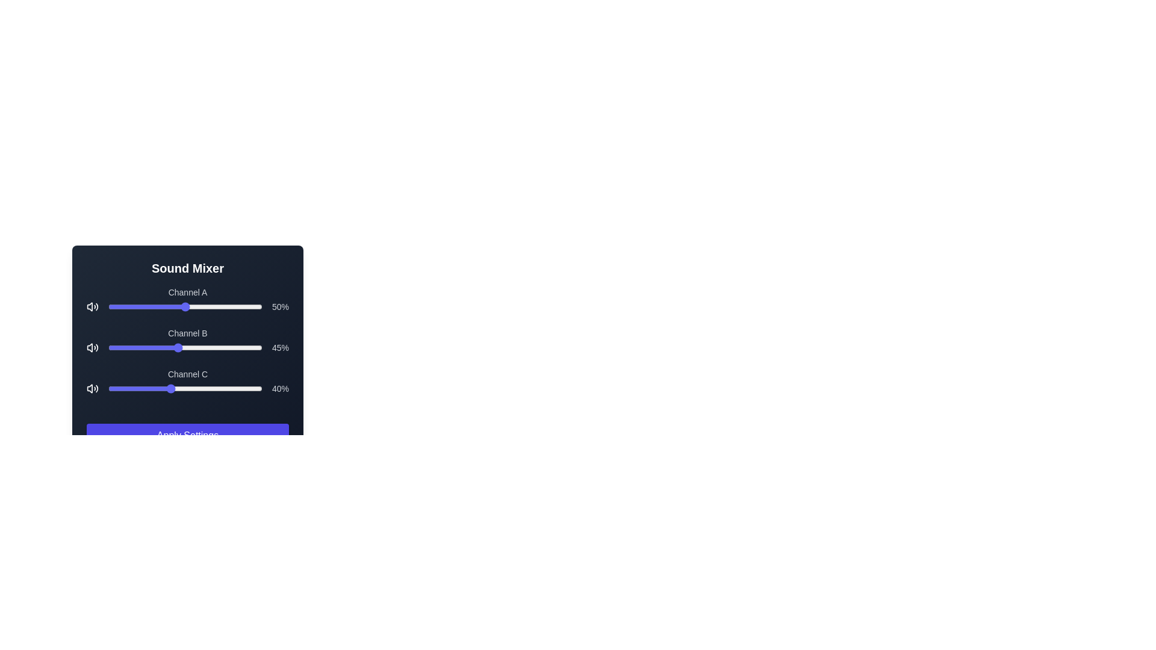  What do you see at coordinates (250, 388) in the screenshot?
I see `the slider` at bounding box center [250, 388].